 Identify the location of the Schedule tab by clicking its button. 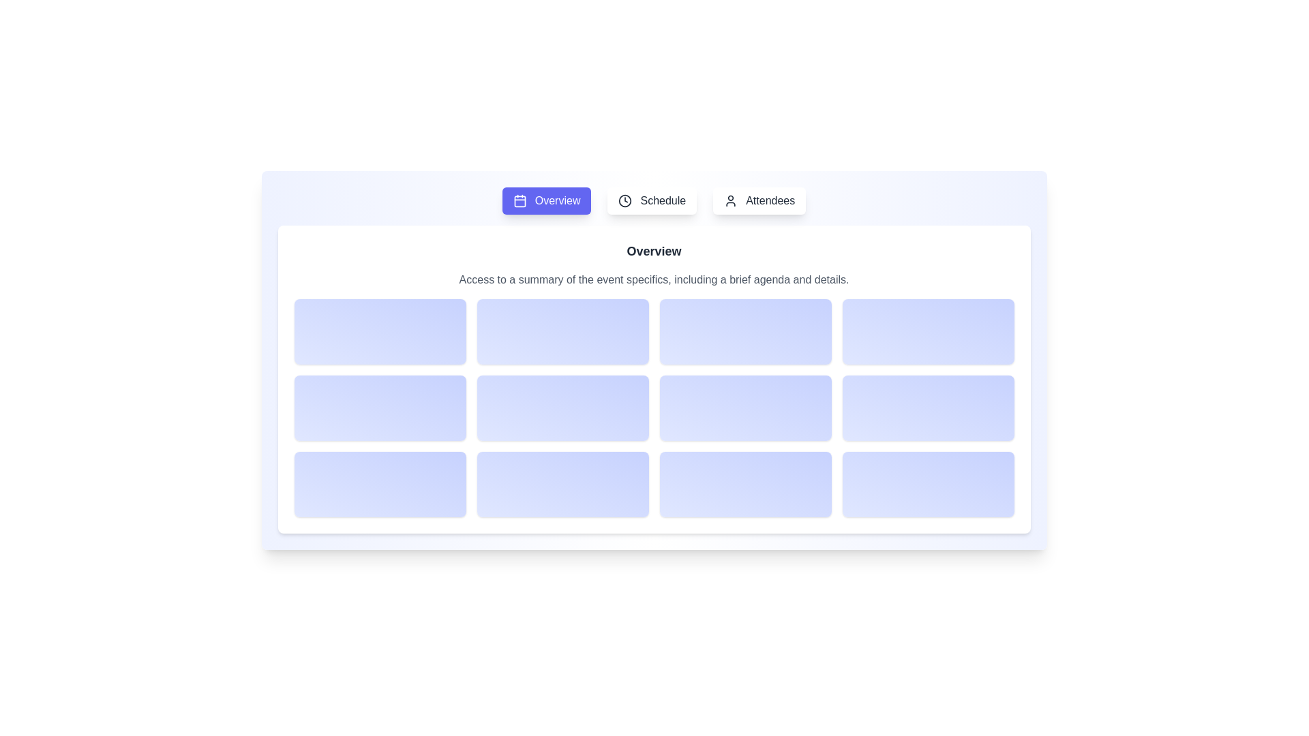
(651, 200).